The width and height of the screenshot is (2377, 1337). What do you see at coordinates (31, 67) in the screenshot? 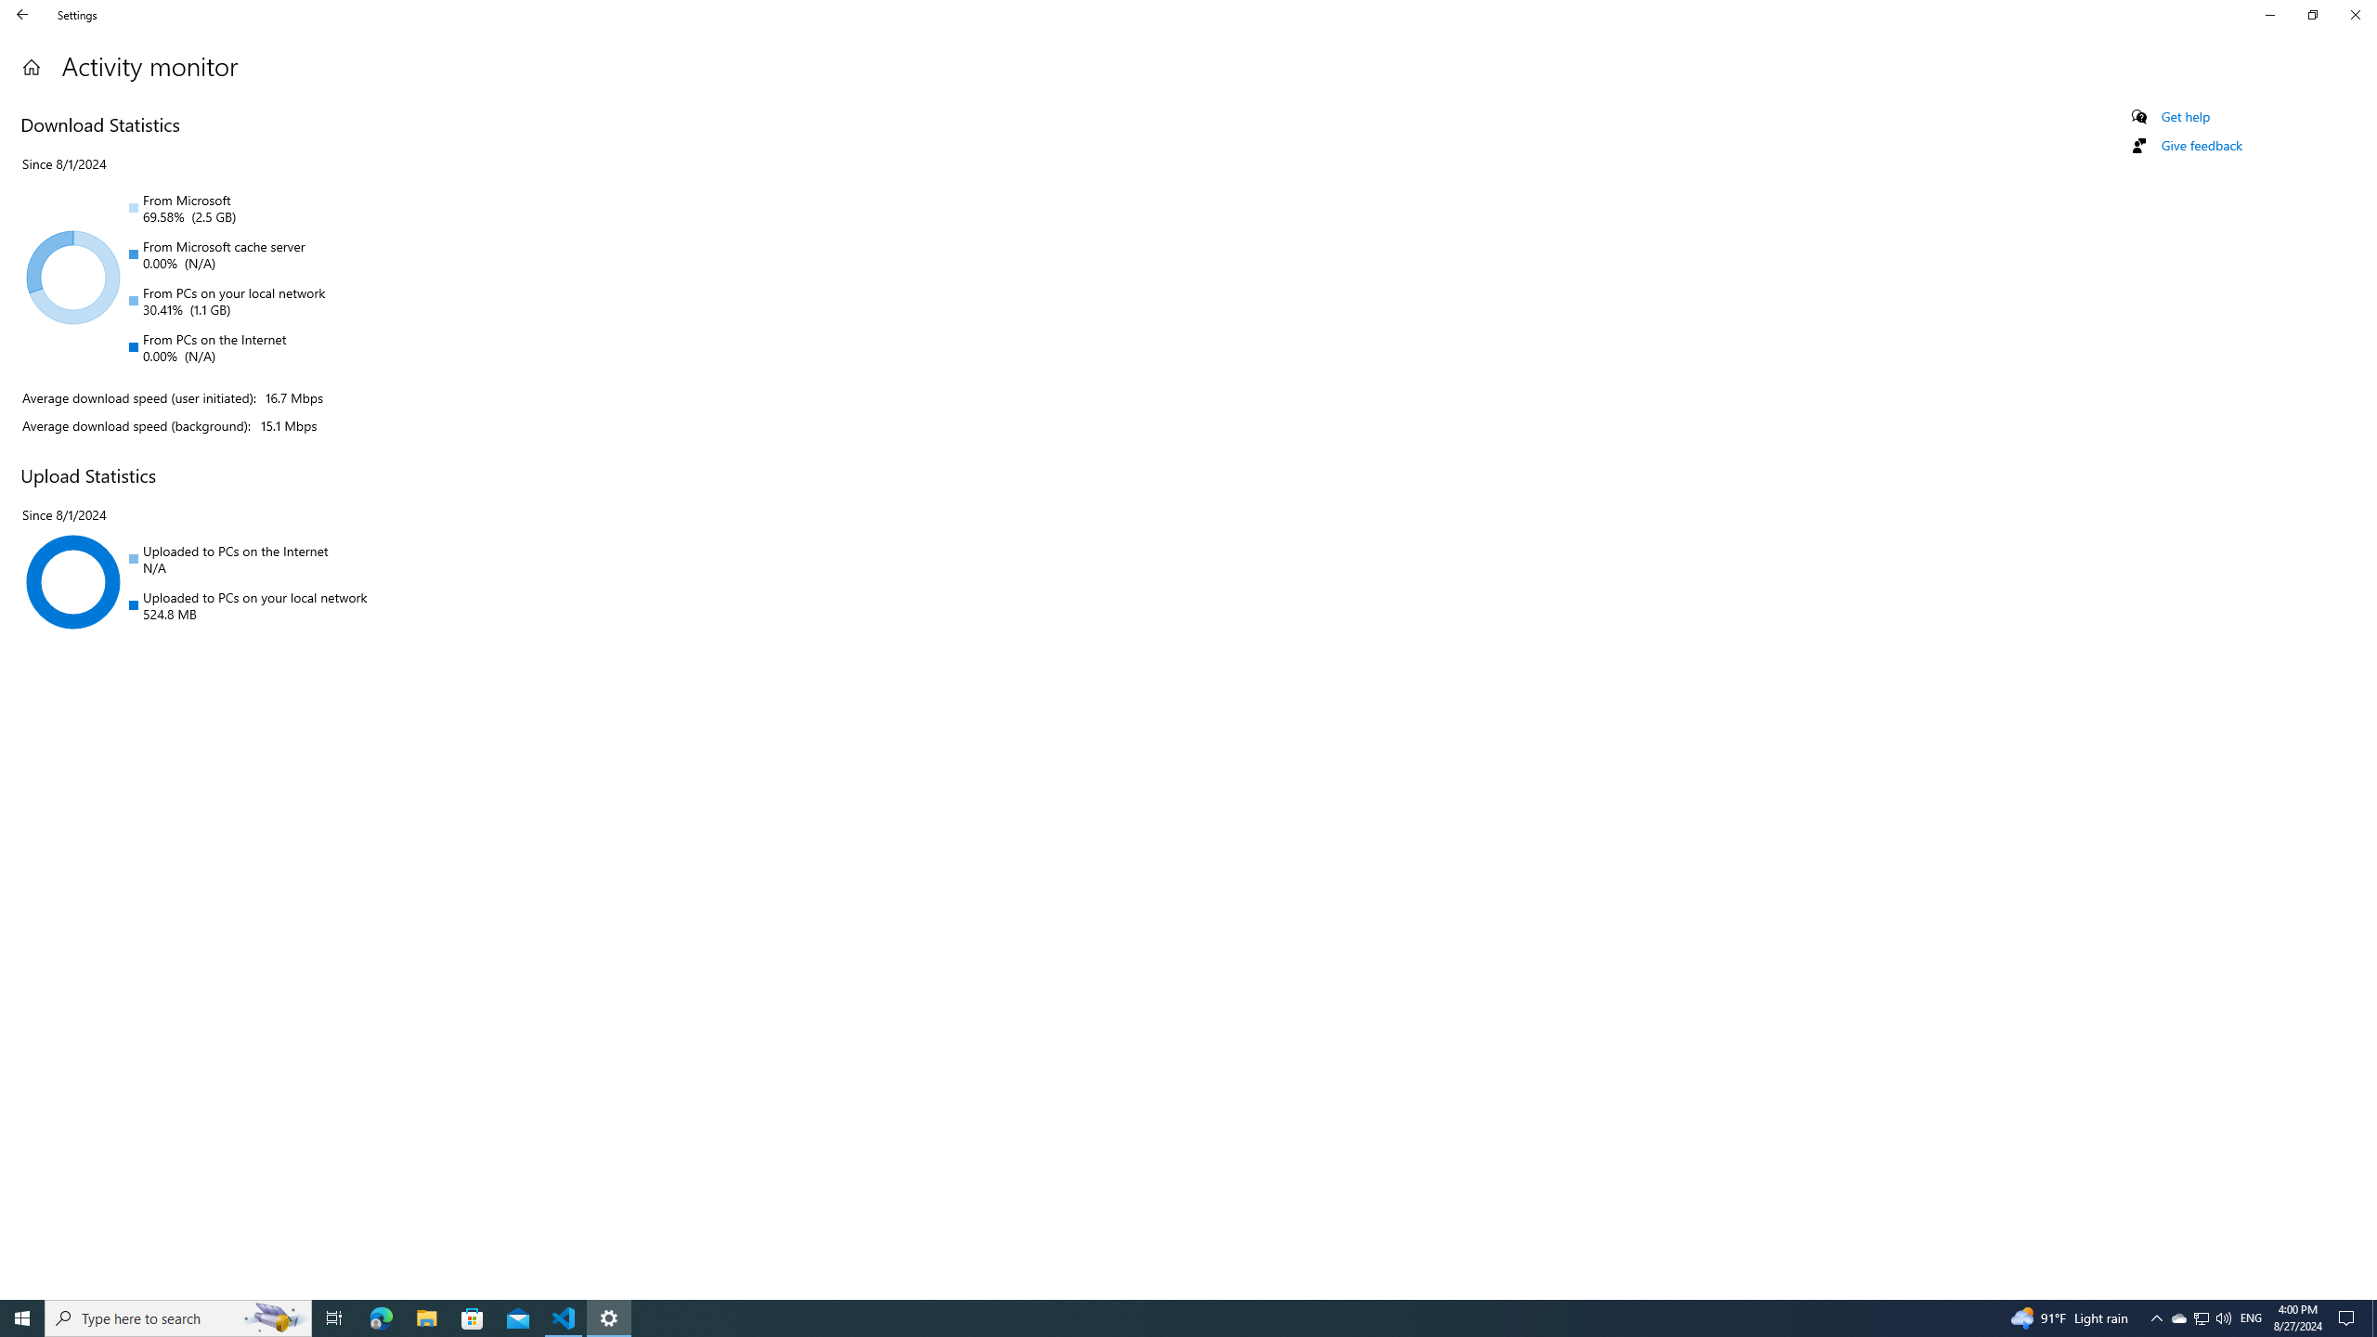
I see `'Home'` at bounding box center [31, 67].